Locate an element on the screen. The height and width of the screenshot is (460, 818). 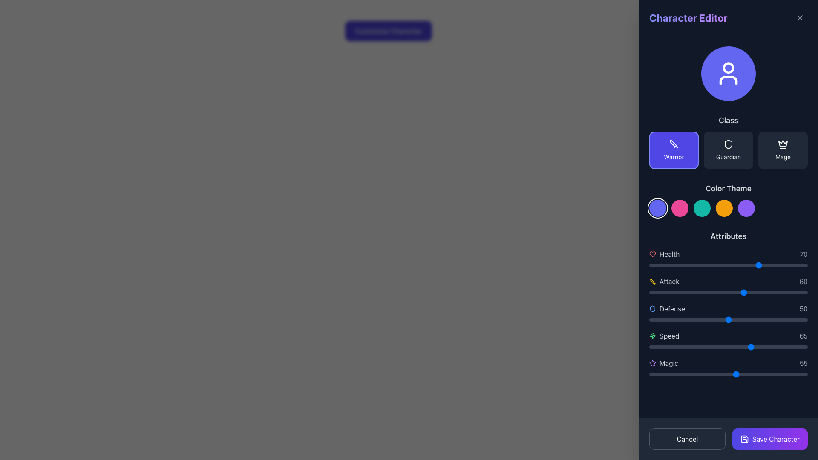
the circular icon with a prominent purple background and a white user silhouette symbol located in the upper section of the sidebar labeled 'Character Editor' is located at coordinates (728, 73).